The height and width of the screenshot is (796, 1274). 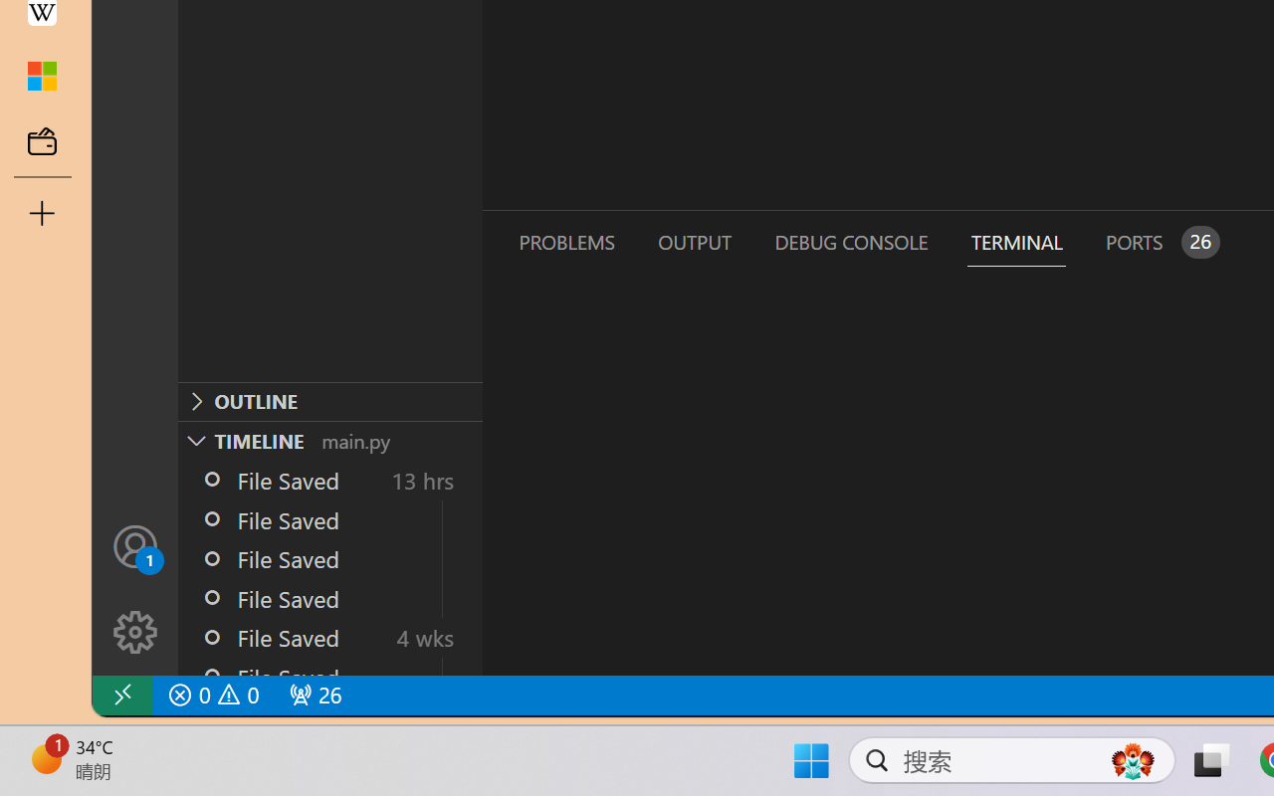 What do you see at coordinates (1160, 241) in the screenshot?
I see `'Ports - 26 forwarded ports'` at bounding box center [1160, 241].